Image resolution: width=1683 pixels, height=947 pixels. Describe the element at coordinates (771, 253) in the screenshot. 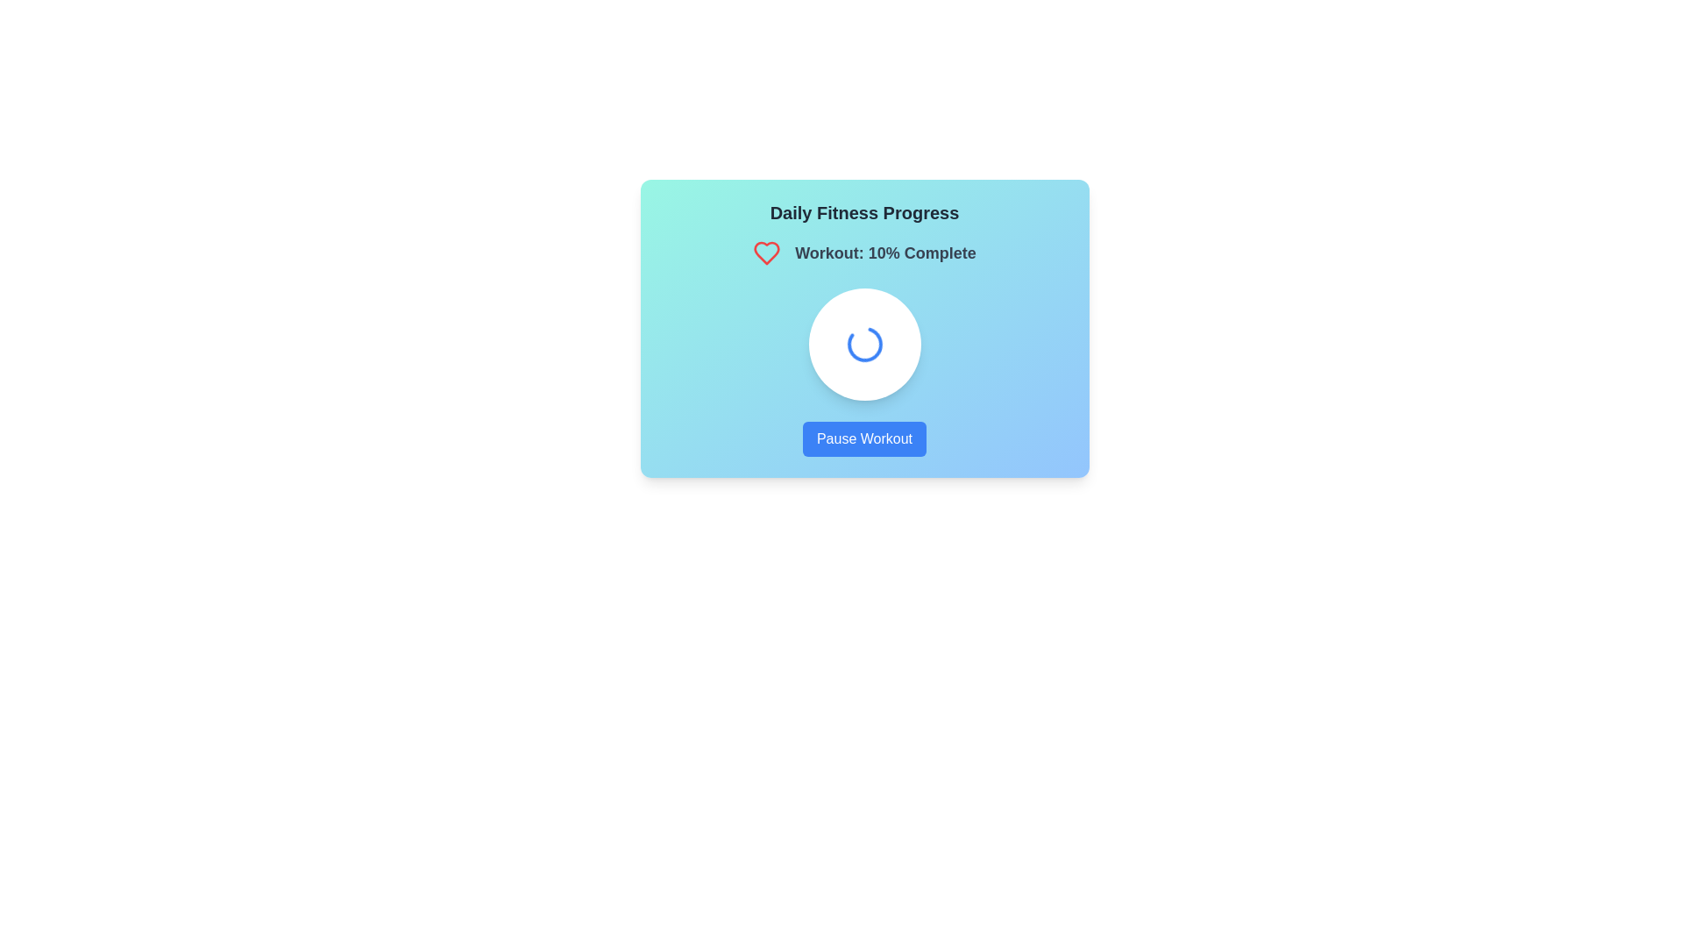

I see `the heart-shaped graphic icon rendered in bold red, located to the left of the text 'Workout: 10% Complete'` at that location.